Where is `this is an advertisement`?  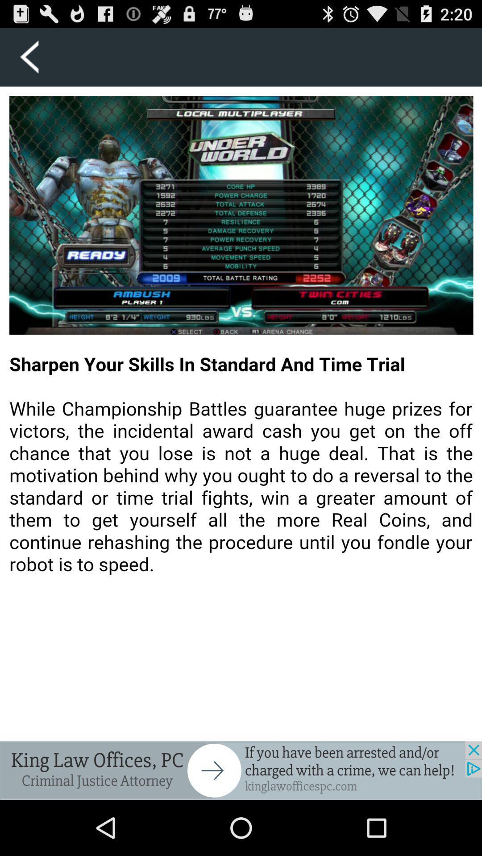 this is an advertisement is located at coordinates (241, 770).